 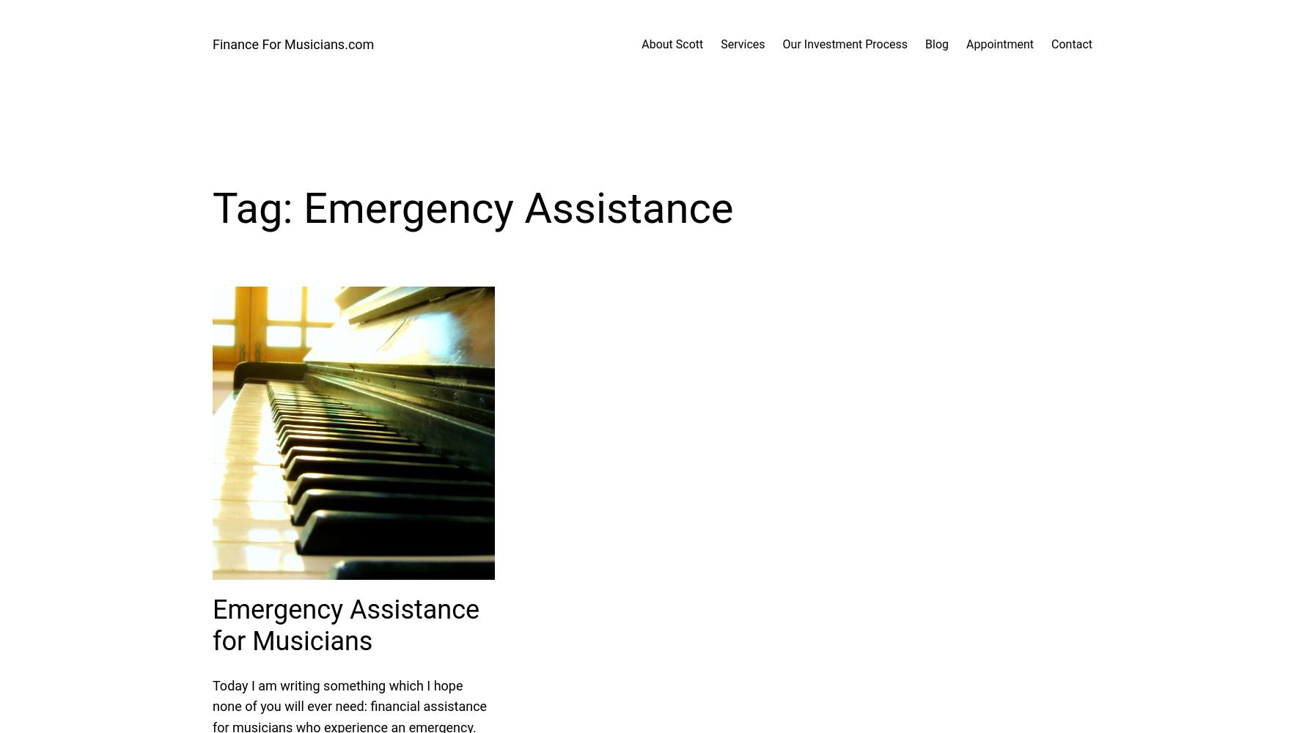 I want to click on 'Blog', so click(x=936, y=44).